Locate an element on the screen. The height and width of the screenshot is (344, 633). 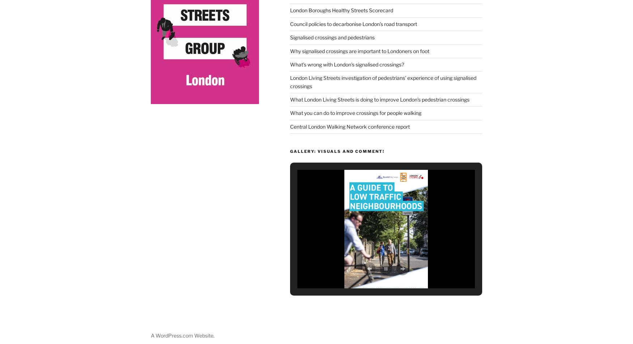
'A WordPress.com Website' is located at coordinates (182, 334).